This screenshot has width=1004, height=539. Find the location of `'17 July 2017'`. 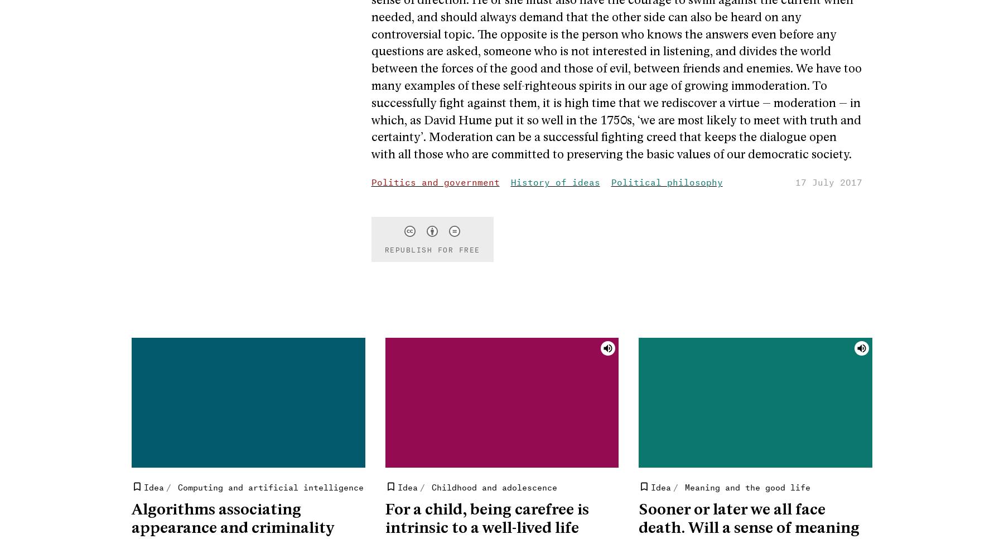

'17 July 2017' is located at coordinates (829, 181).